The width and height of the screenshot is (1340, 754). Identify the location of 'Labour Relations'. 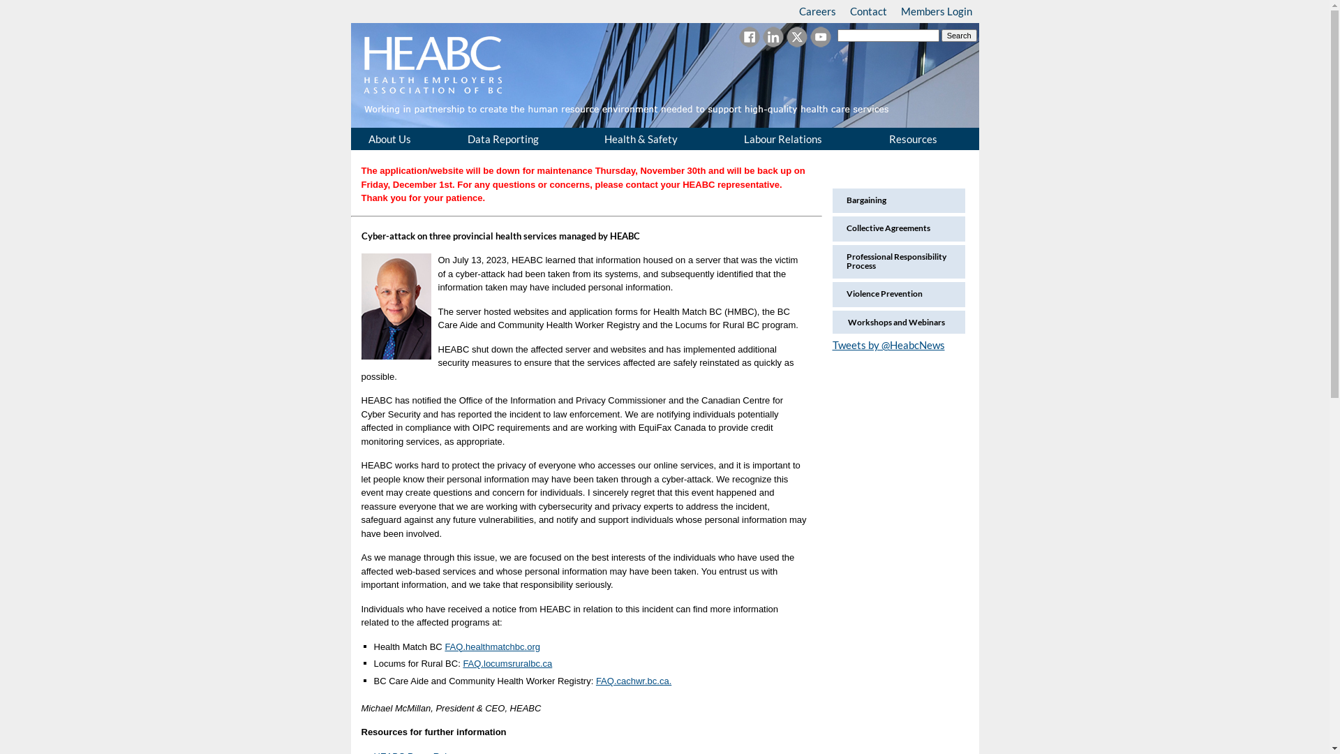
(799, 138).